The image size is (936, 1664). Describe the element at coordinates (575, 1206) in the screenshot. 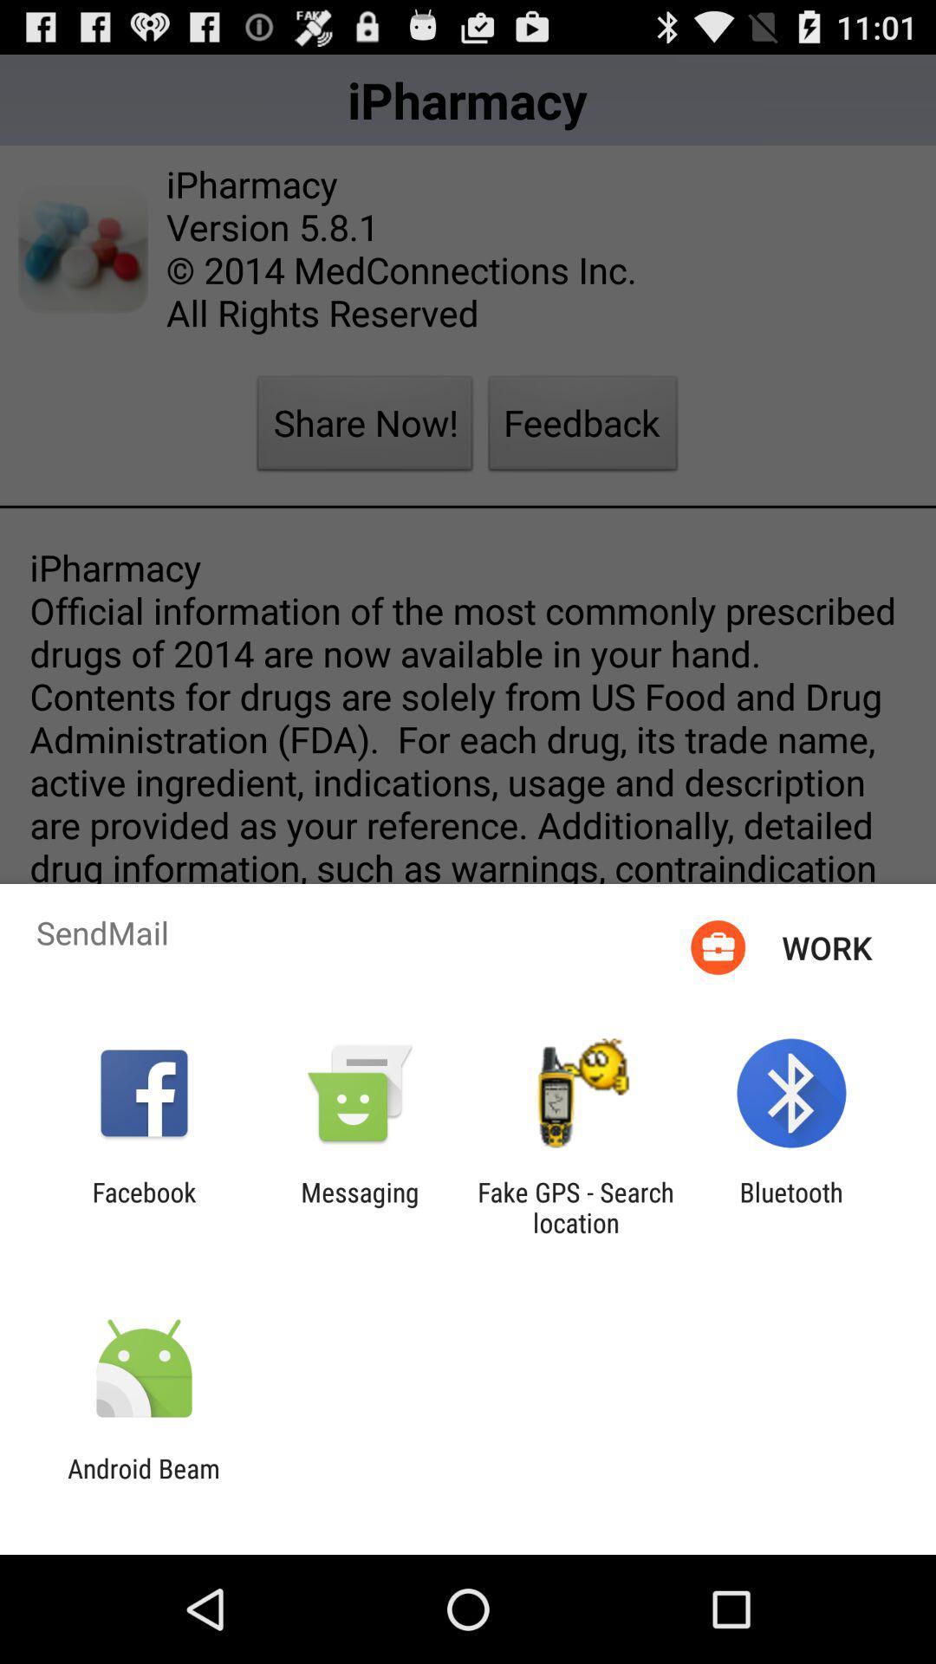

I see `app to the right of the messaging` at that location.